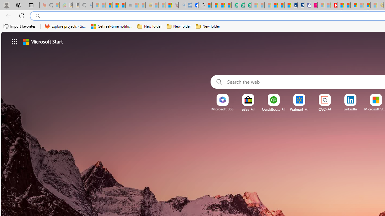 The height and width of the screenshot is (216, 385). What do you see at coordinates (248, 5) in the screenshot?
I see `'Microsoft Word - consumer-privacy address update 2.2021'` at bounding box center [248, 5].